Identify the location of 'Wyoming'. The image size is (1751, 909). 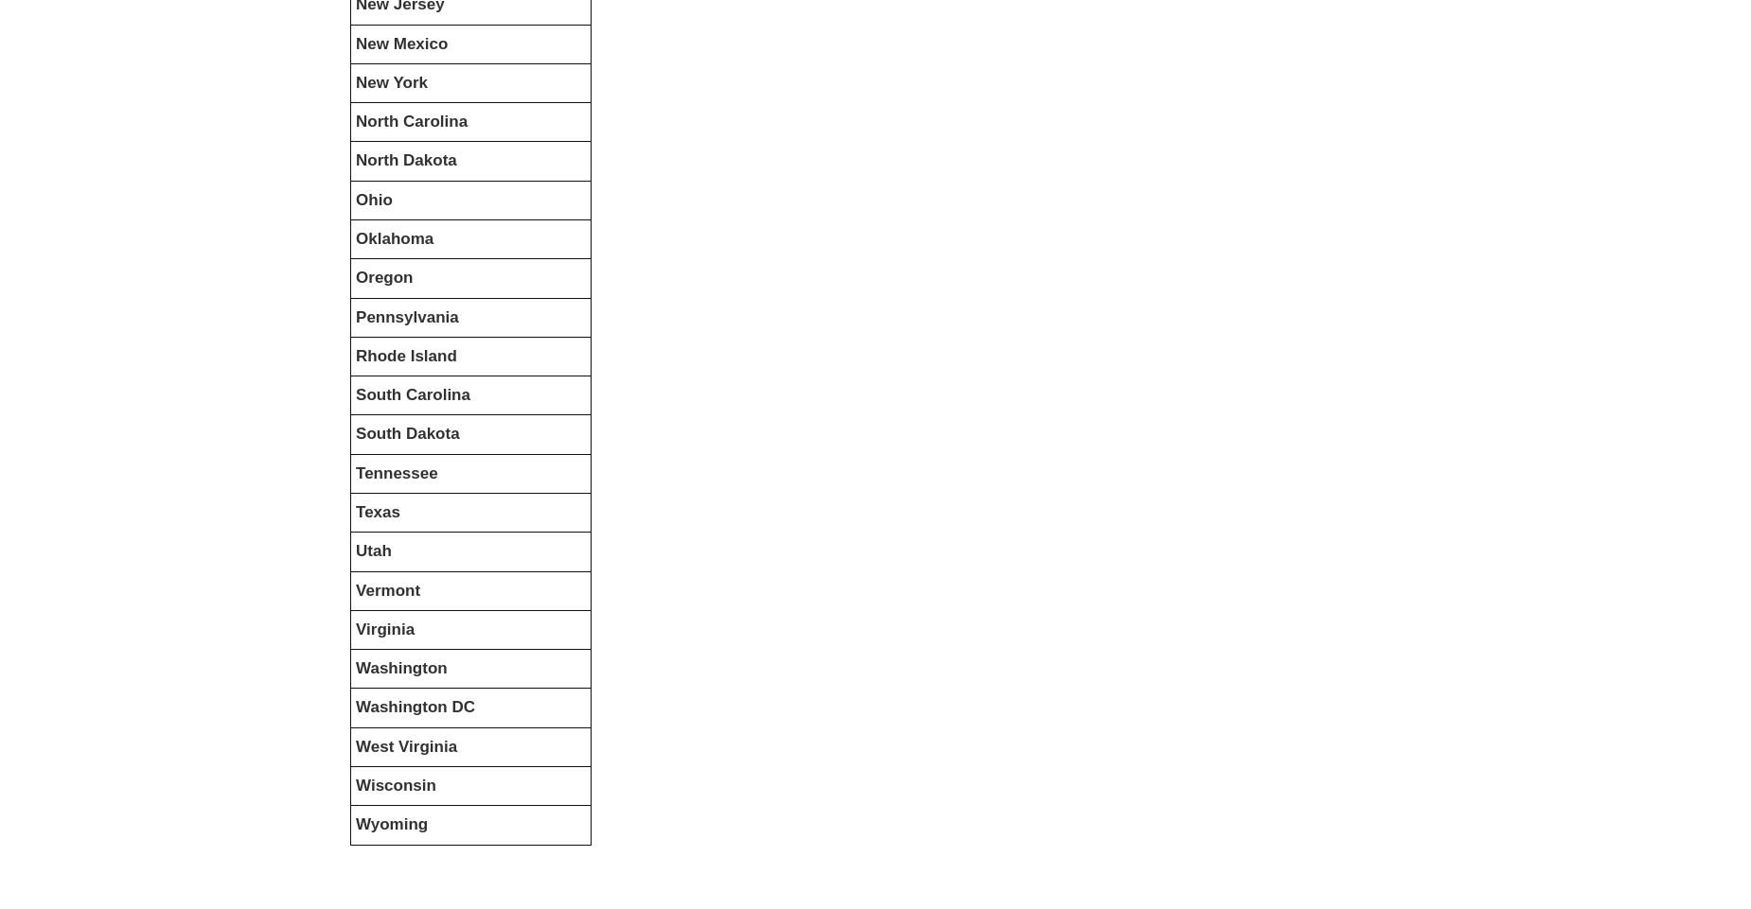
(391, 823).